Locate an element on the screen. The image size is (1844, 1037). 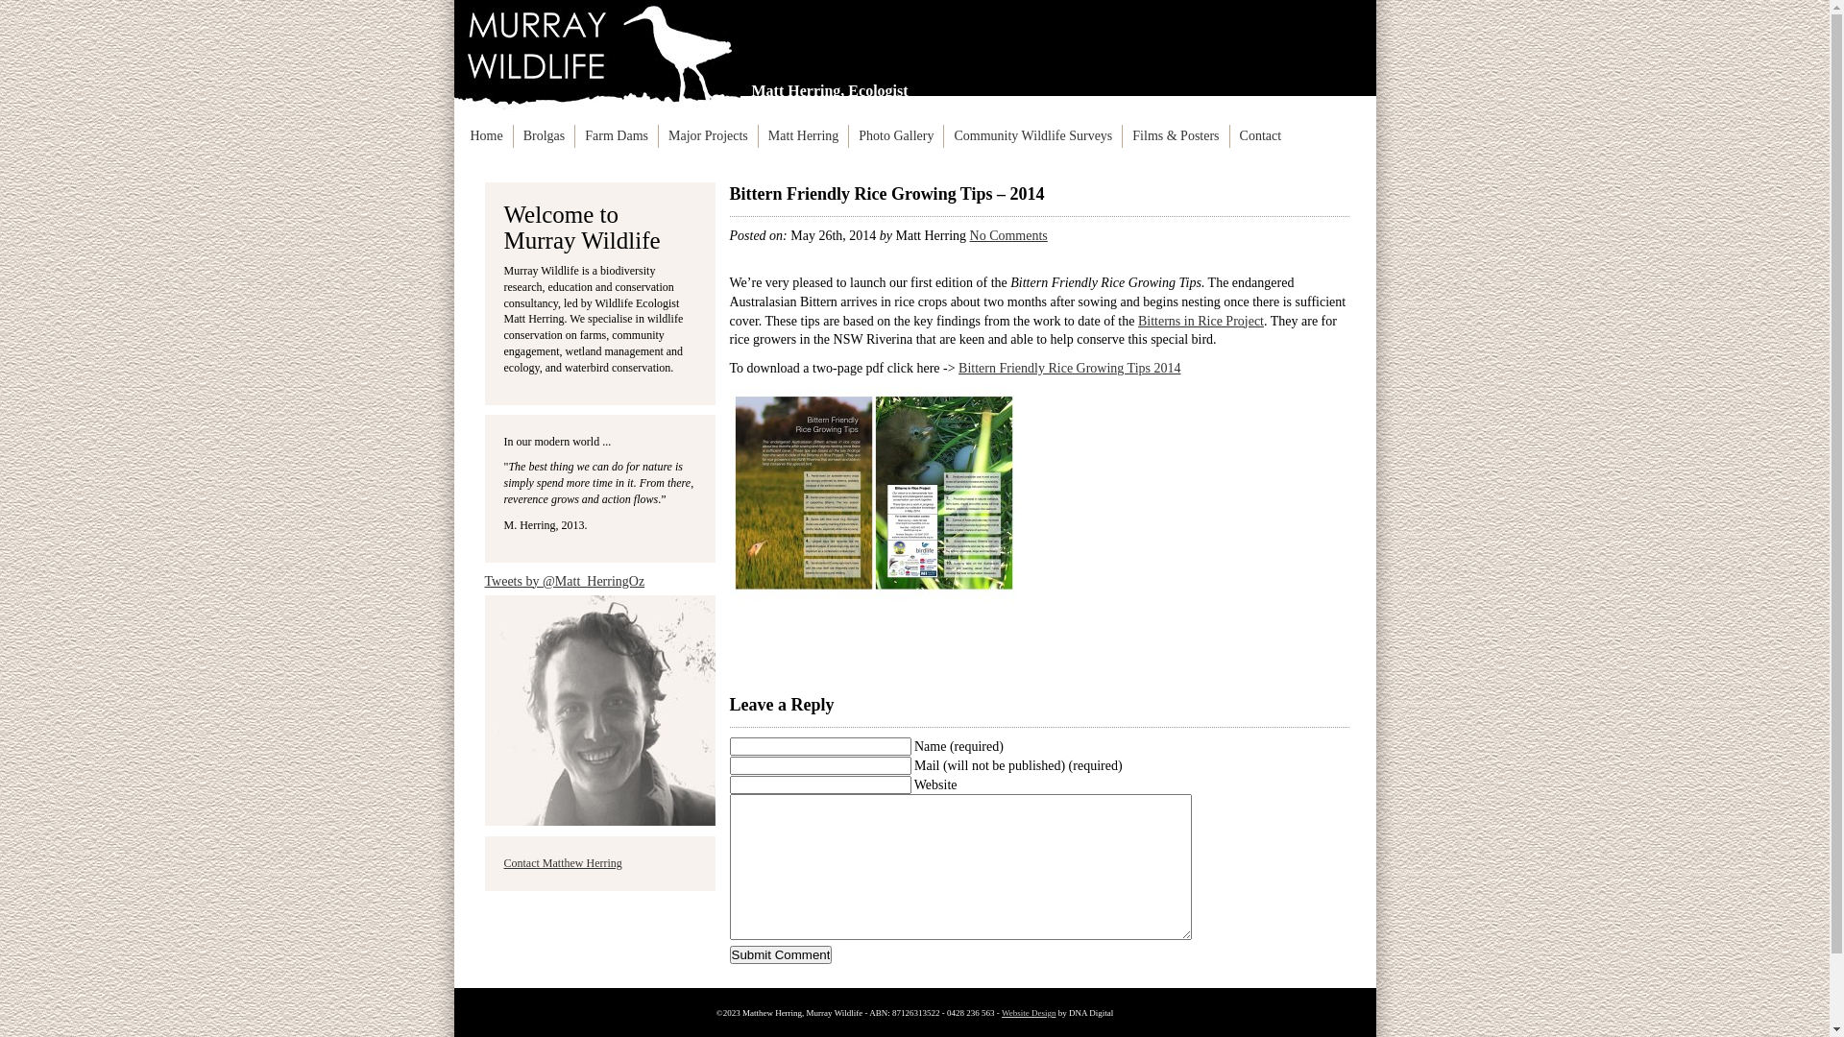
'No Comments' is located at coordinates (1007, 234).